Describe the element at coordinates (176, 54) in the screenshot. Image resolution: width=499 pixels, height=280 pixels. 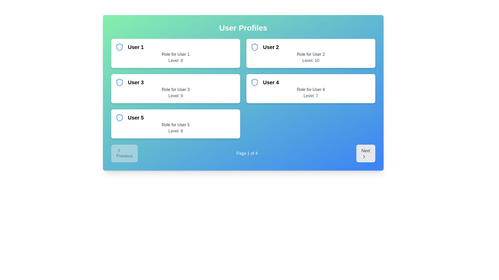
I see `the descriptive text label for User 1, which is located within the user profile card, positioned below the user title and above the level information` at that location.